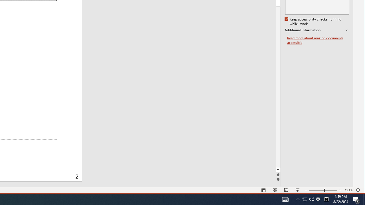  What do you see at coordinates (313, 21) in the screenshot?
I see `'Keep accessibility checker running while I work'` at bounding box center [313, 21].